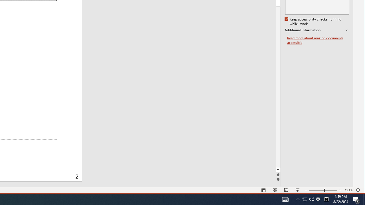  What do you see at coordinates (313, 21) in the screenshot?
I see `'Keep accessibility checker running while I work'` at bounding box center [313, 21].